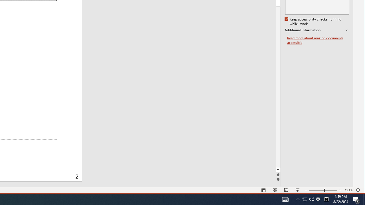  What do you see at coordinates (313, 21) in the screenshot?
I see `'Keep accessibility checker running while I work'` at bounding box center [313, 21].